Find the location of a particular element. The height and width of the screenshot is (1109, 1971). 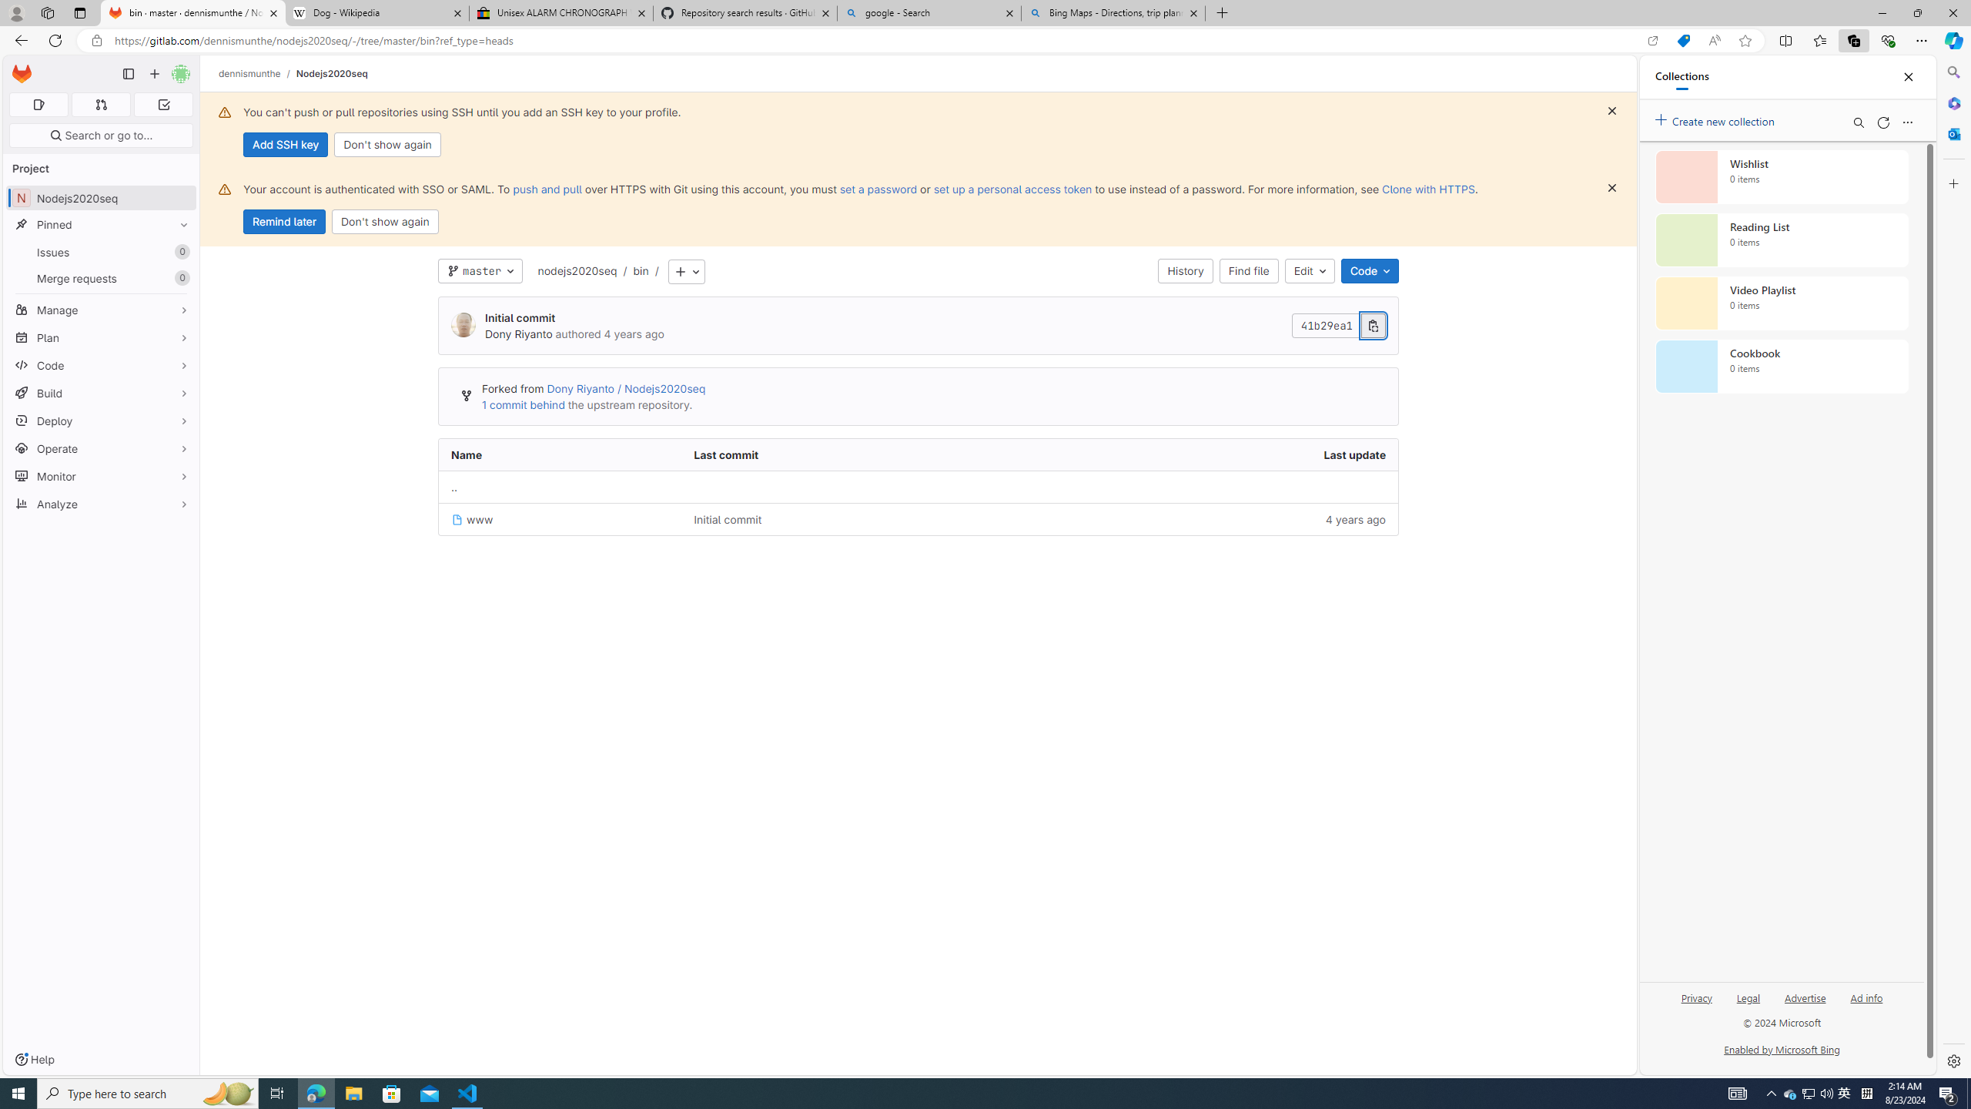

'push and pull' is located at coordinates (546, 189).